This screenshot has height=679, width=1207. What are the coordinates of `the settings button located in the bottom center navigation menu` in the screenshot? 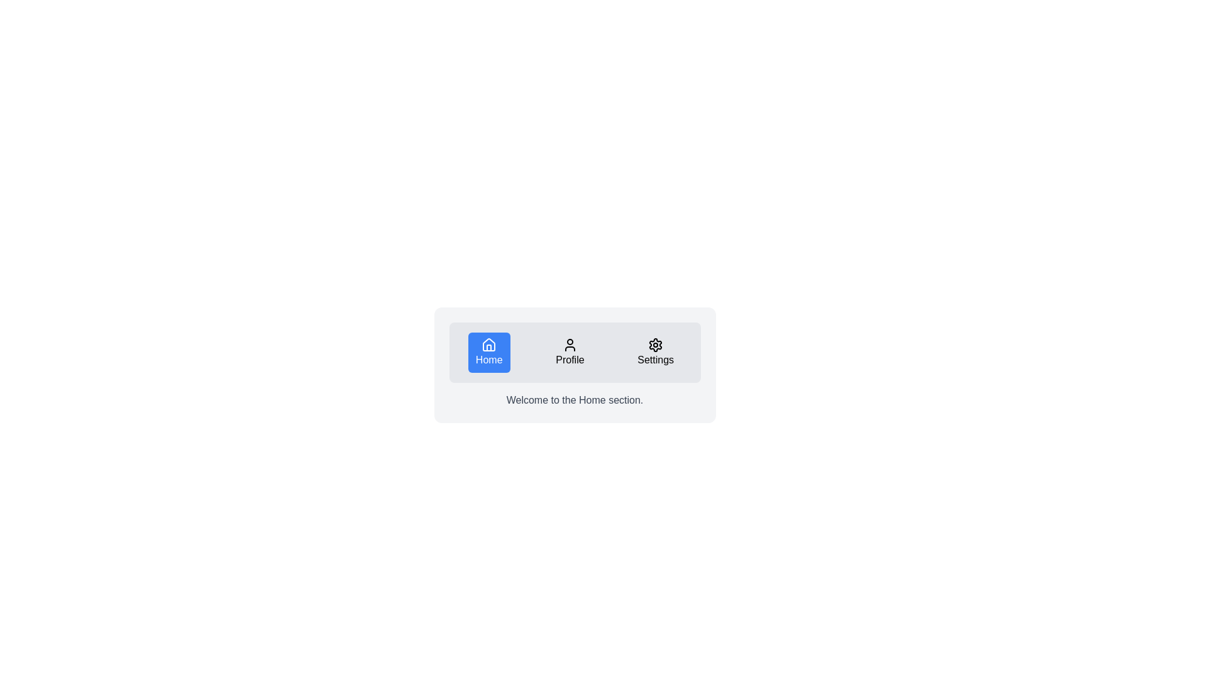 It's located at (655, 352).